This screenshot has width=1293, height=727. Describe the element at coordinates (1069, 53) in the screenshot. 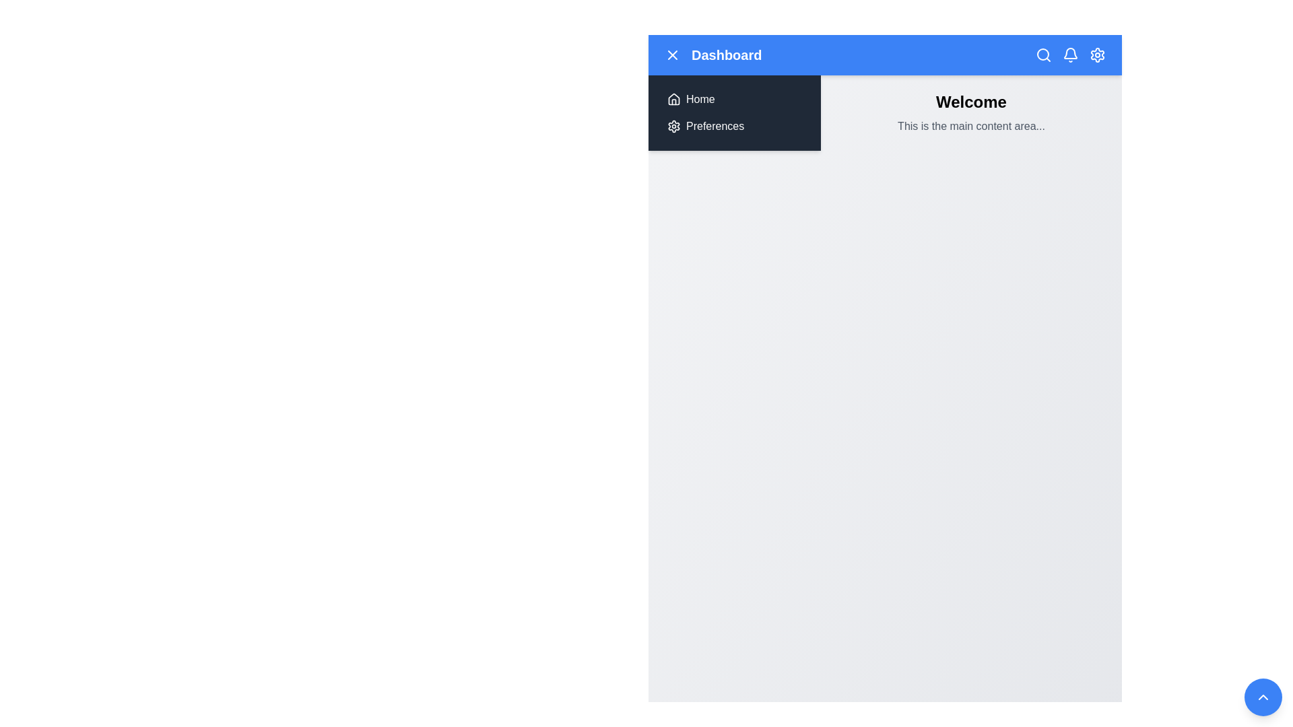

I see `the bell icon in the blue header bar, which serves as a notification indicator and is positioned to the right of the search icon and to the left of the settings cog icon` at that location.